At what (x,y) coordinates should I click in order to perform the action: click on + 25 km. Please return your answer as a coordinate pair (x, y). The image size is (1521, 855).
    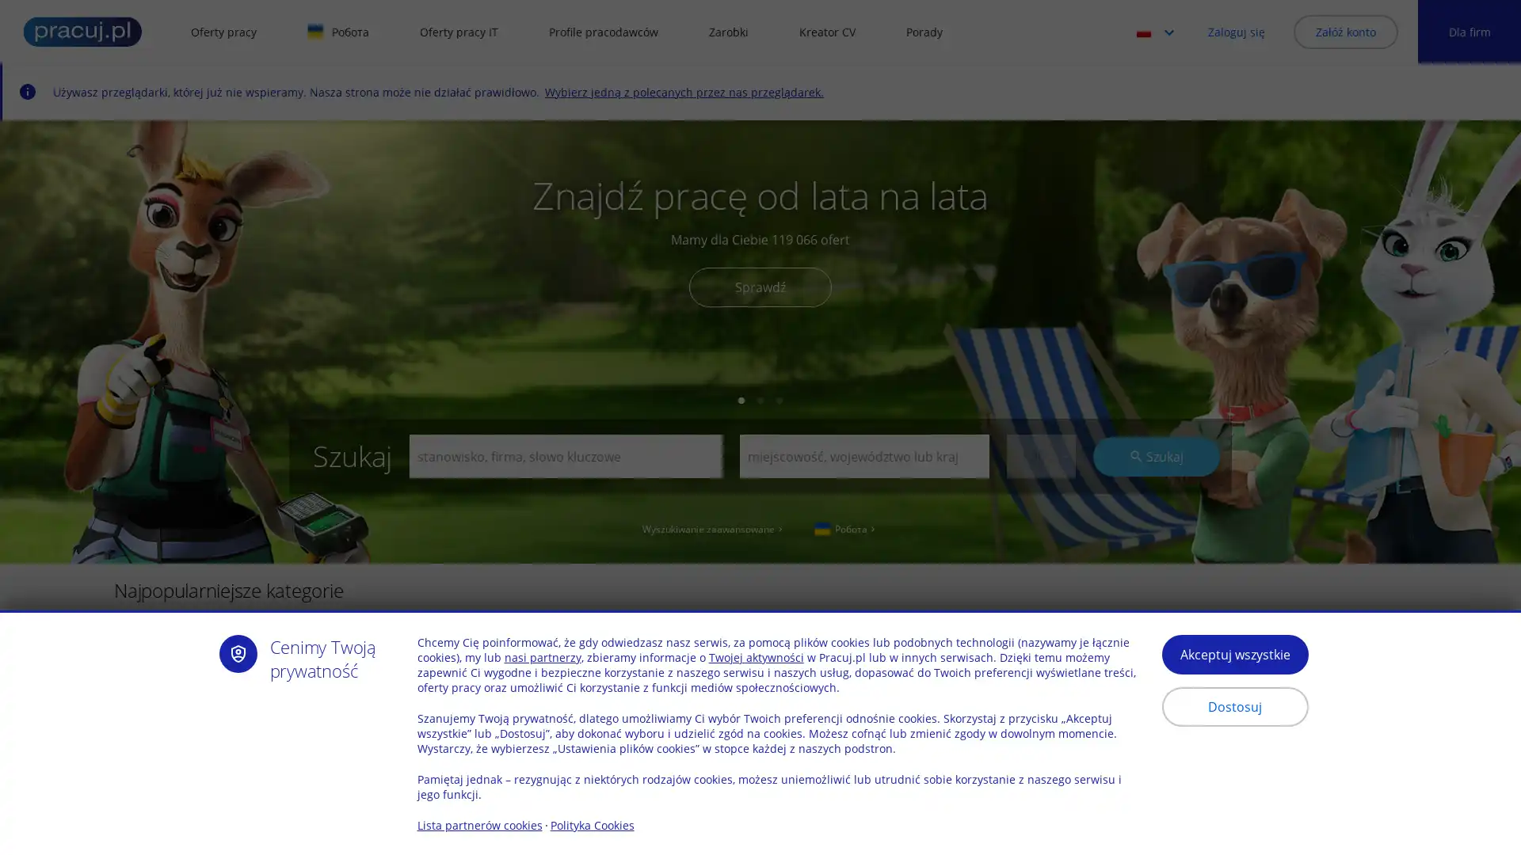
    Looking at the image, I should click on (1040, 607).